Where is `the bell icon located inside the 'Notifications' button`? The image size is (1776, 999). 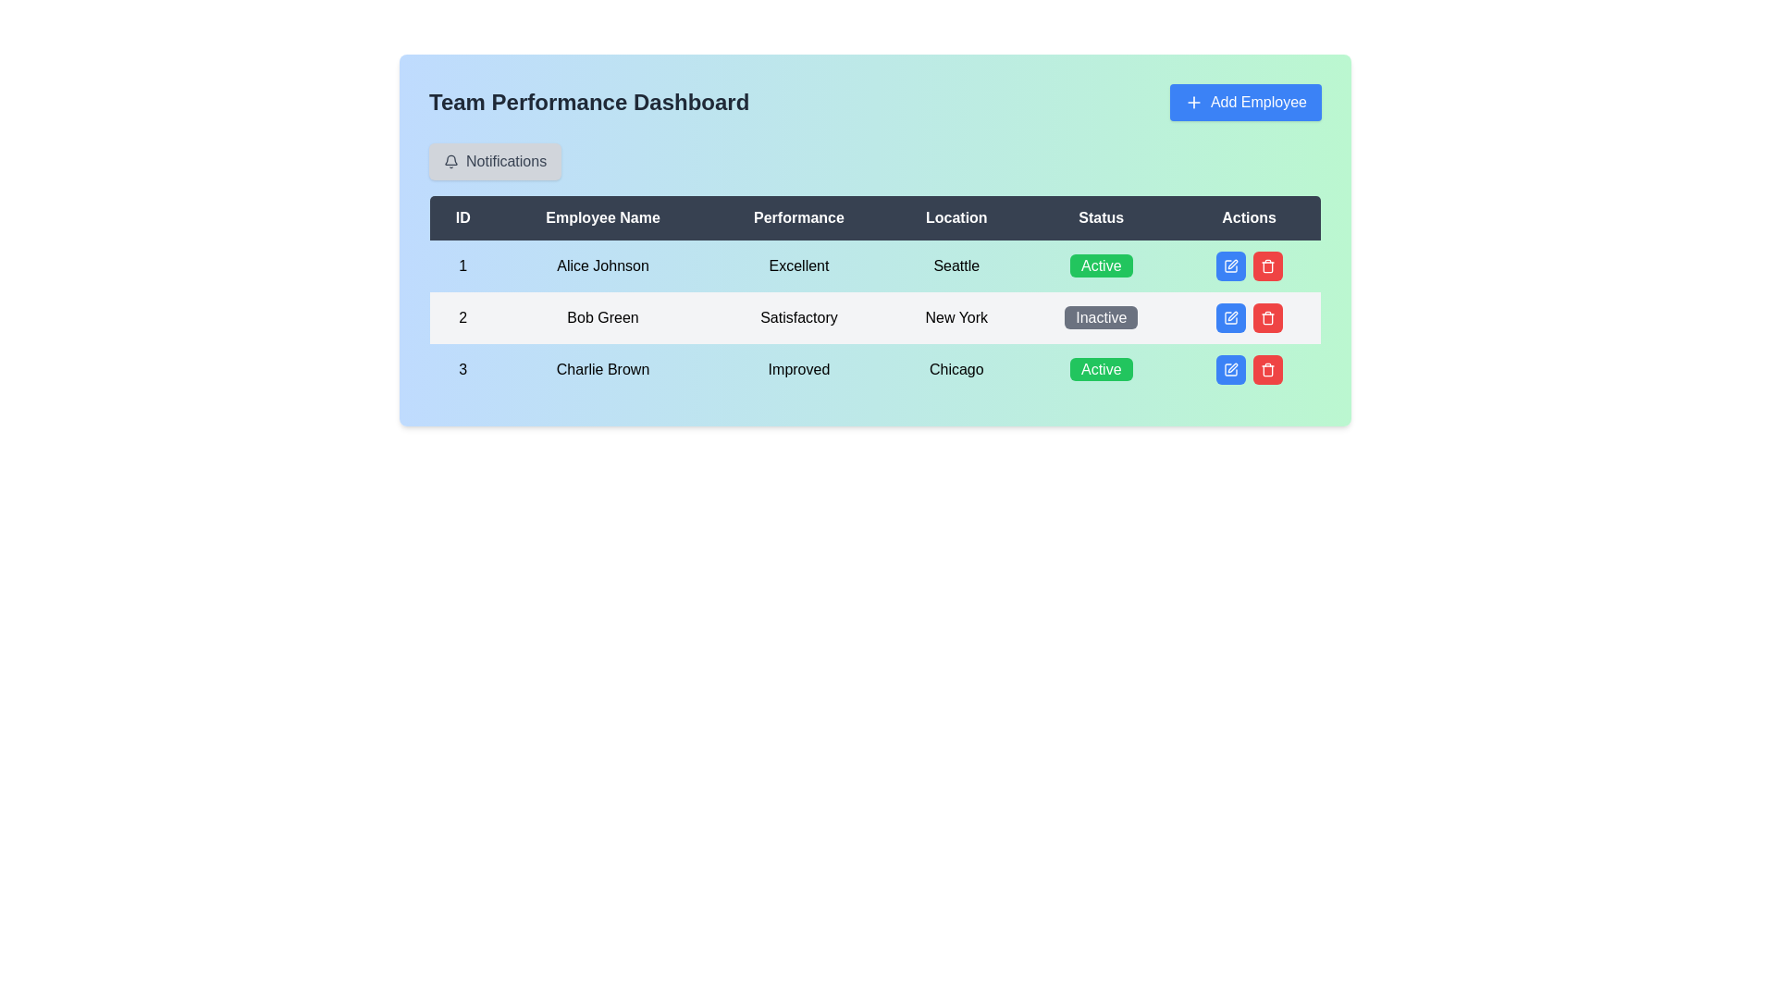 the bell icon located inside the 'Notifications' button is located at coordinates (451, 160).